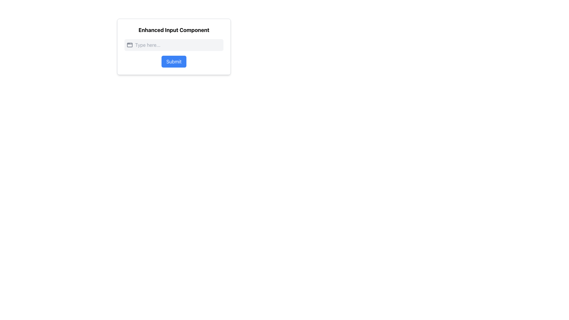 This screenshot has height=320, width=569. Describe the element at coordinates (129, 44) in the screenshot. I see `the compact gray window icon located to the left of the text input field` at that location.